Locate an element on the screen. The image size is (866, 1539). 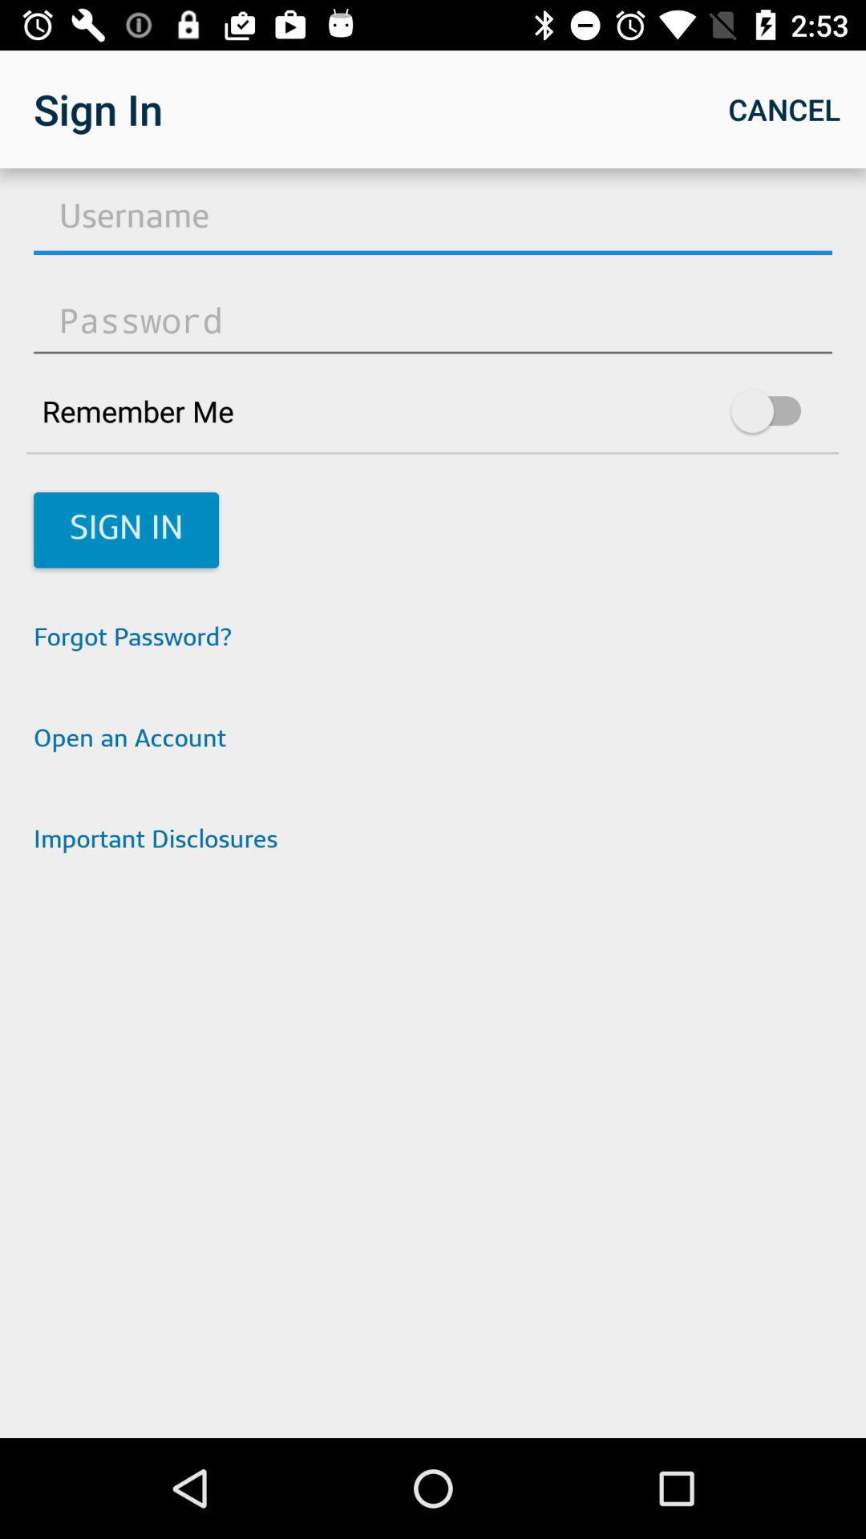
item below sign in item is located at coordinates (433, 638).